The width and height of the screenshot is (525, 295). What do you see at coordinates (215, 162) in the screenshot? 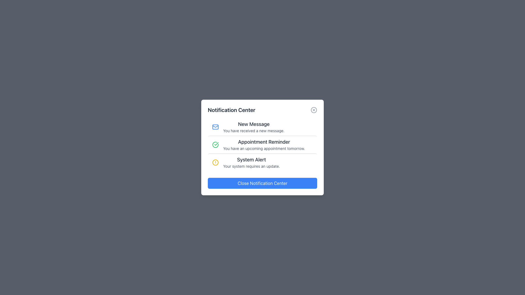
I see `the yellow circular icon with an alert symbol inside, located to the left of the 'System Alert' label in the notification center` at bounding box center [215, 162].